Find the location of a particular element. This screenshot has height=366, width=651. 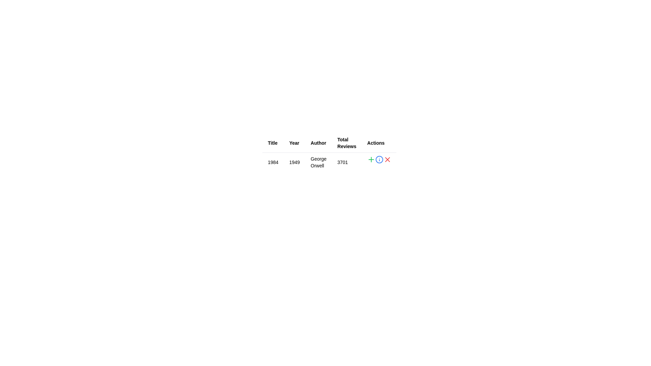

the Text label that corresponds to the years column, which is located between 'Title' and 'Author' in the header row of the table is located at coordinates (294, 143).